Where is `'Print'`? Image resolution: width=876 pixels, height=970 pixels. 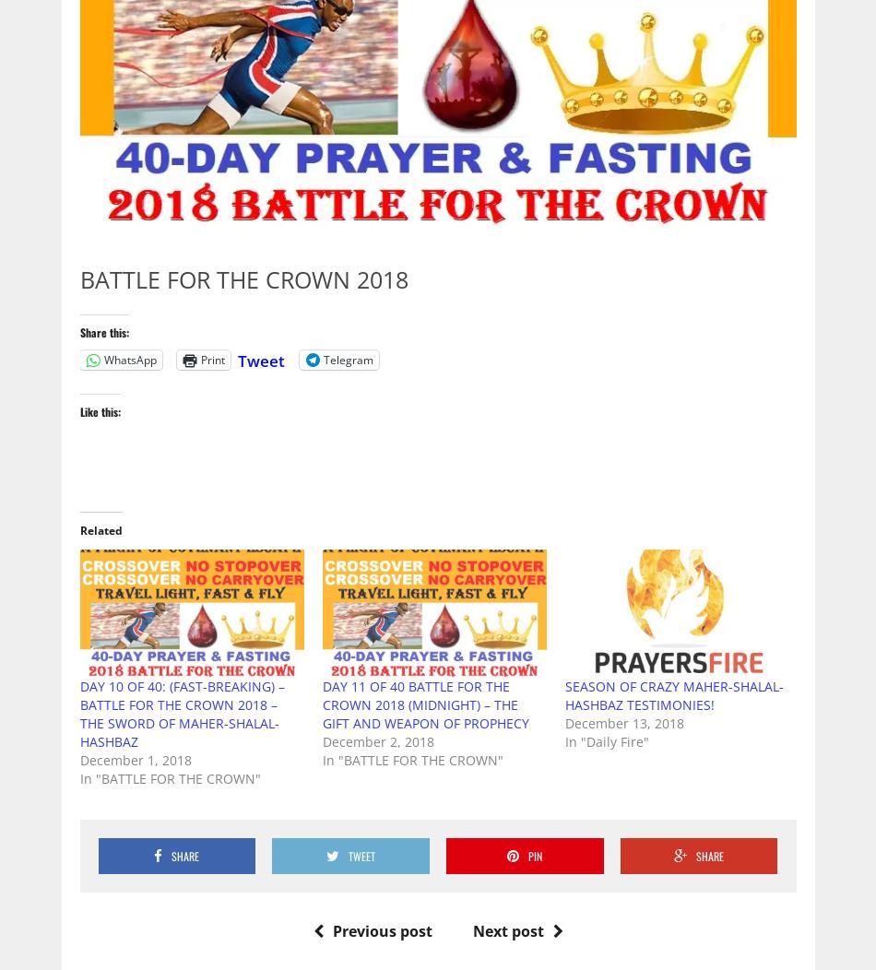 'Print' is located at coordinates (211, 359).